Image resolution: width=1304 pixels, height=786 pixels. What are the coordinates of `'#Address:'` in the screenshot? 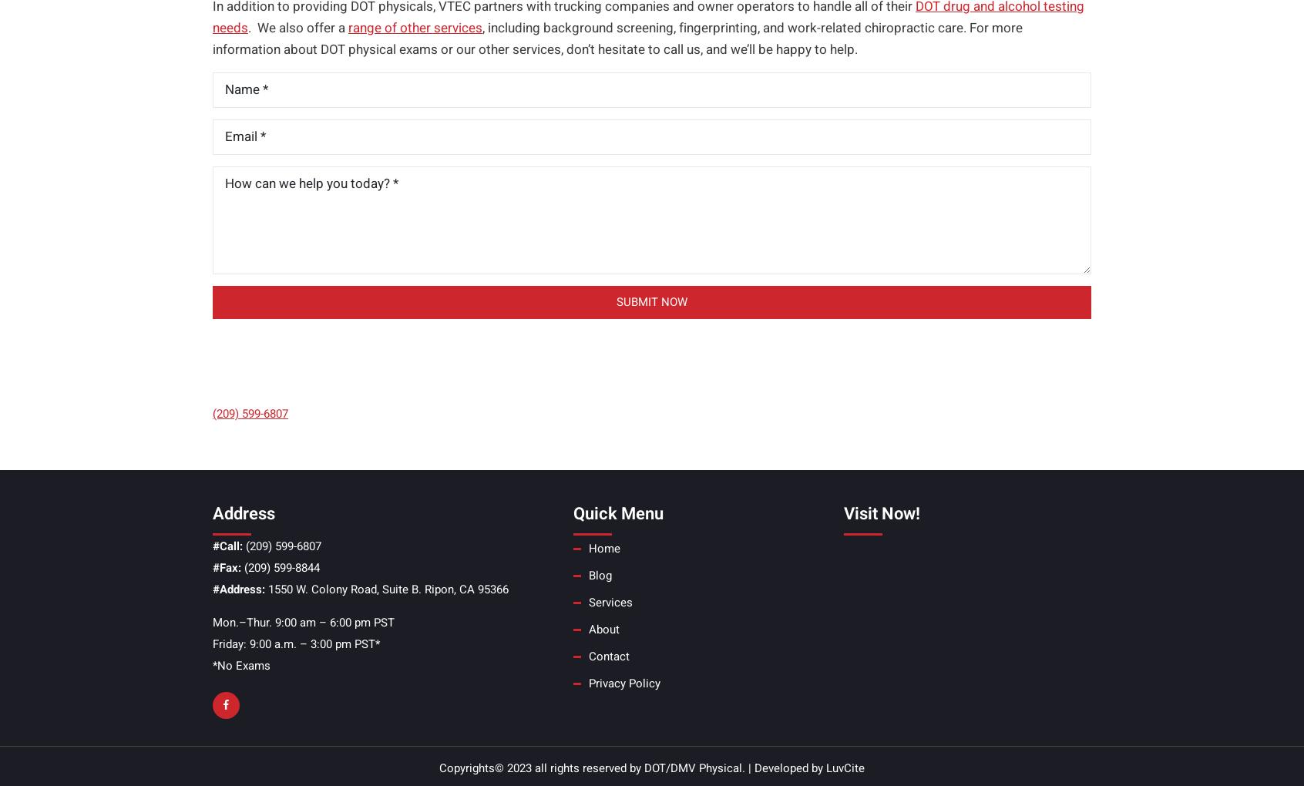 It's located at (237, 588).